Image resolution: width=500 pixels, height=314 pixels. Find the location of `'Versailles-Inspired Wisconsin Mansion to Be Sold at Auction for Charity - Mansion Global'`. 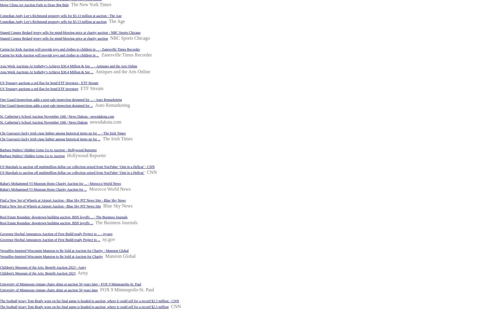

'Versailles-Inspired Wisconsin Mansion to Be Sold at Auction for Charity - Mansion Global' is located at coordinates (0, 250).